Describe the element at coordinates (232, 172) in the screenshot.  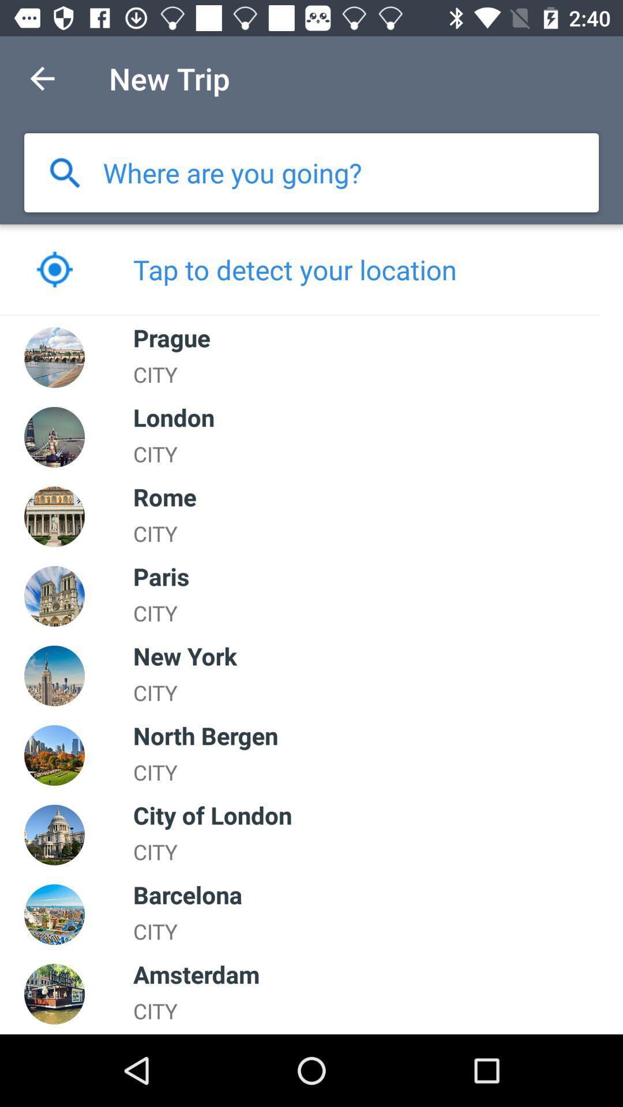
I see `the text in the search field` at that location.